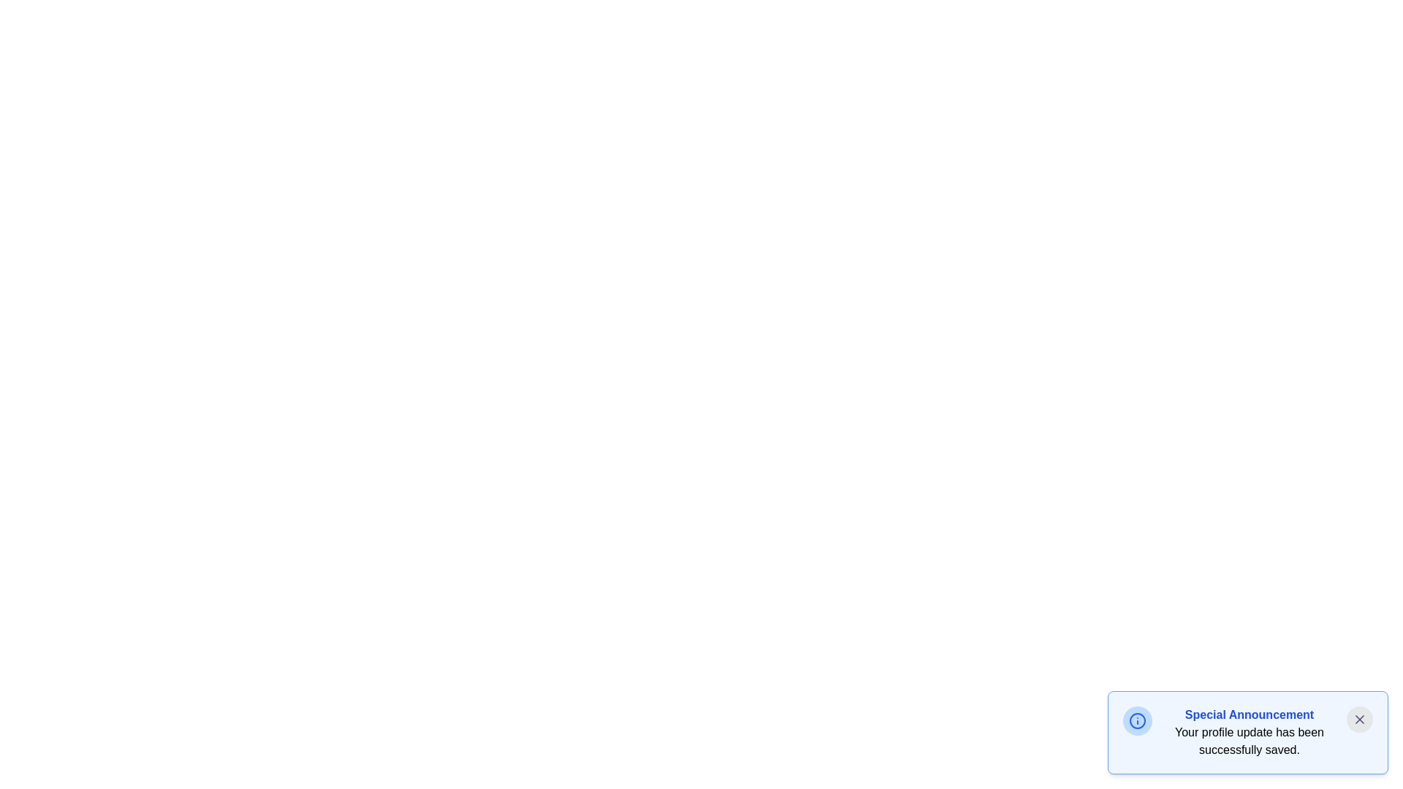 Image resolution: width=1403 pixels, height=789 pixels. I want to click on the text content of the snackbar for copying or reading, so click(1163, 706).